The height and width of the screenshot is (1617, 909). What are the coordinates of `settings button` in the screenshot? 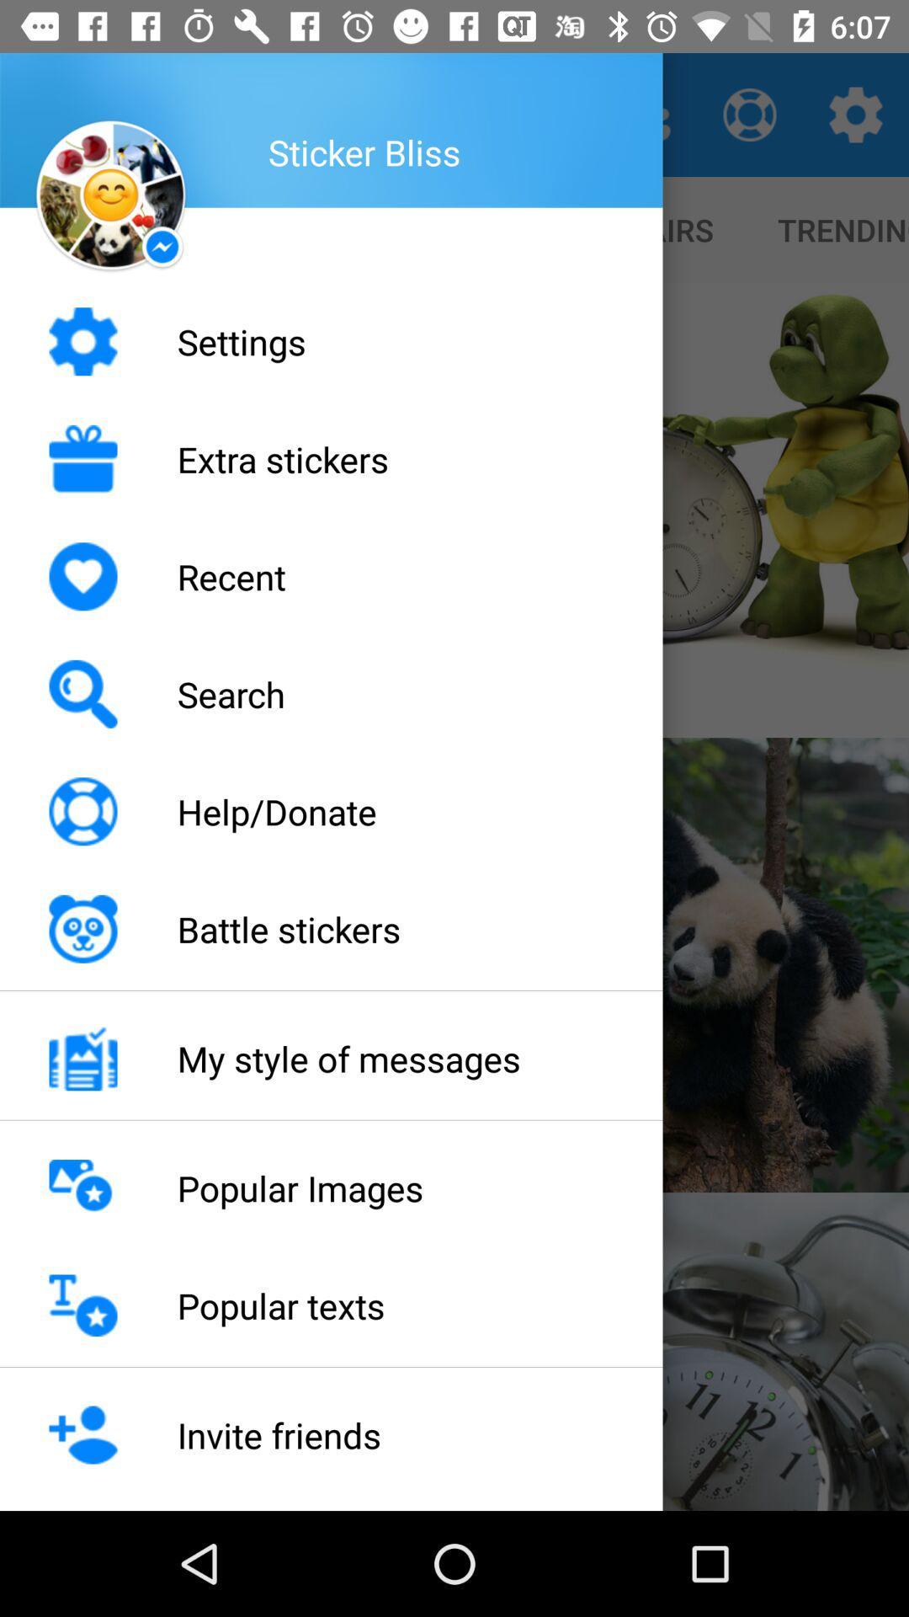 It's located at (856, 115).